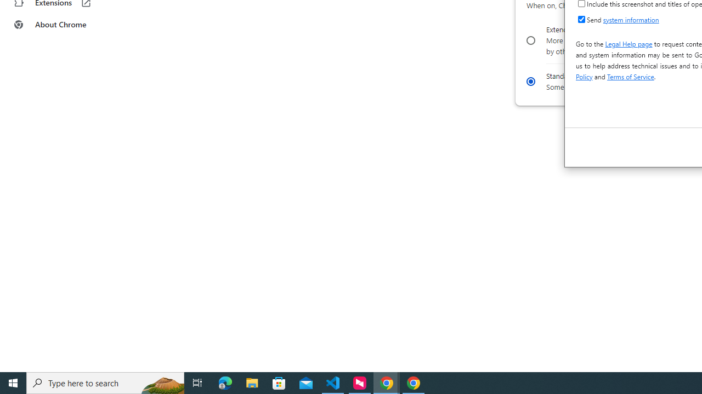 This screenshot has height=394, width=702. Describe the element at coordinates (13, 382) in the screenshot. I see `'Start'` at that location.